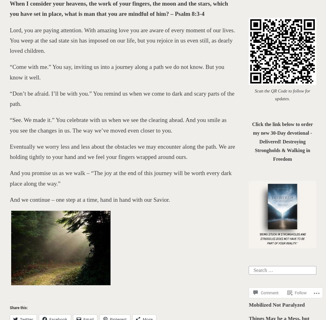 This screenshot has width=326, height=320. What do you see at coordinates (117, 72) in the screenshot?
I see `'“Come with me.” You say, inviting us into a journey along a path we do not know. But you know it well.'` at bounding box center [117, 72].